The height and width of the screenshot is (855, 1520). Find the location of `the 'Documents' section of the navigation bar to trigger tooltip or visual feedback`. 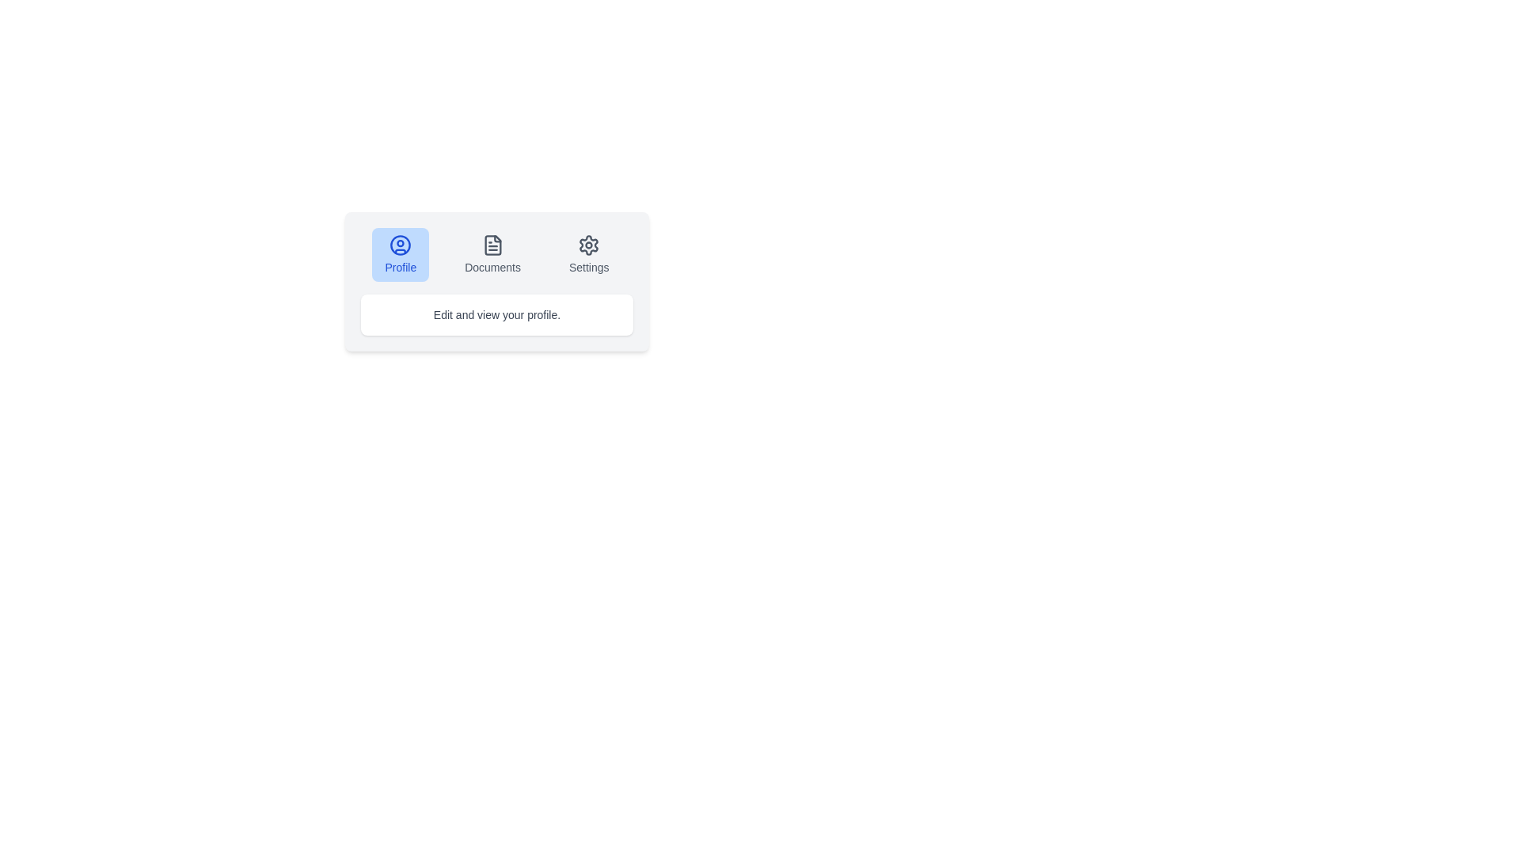

the 'Documents' section of the navigation bar to trigger tooltip or visual feedback is located at coordinates (496, 253).